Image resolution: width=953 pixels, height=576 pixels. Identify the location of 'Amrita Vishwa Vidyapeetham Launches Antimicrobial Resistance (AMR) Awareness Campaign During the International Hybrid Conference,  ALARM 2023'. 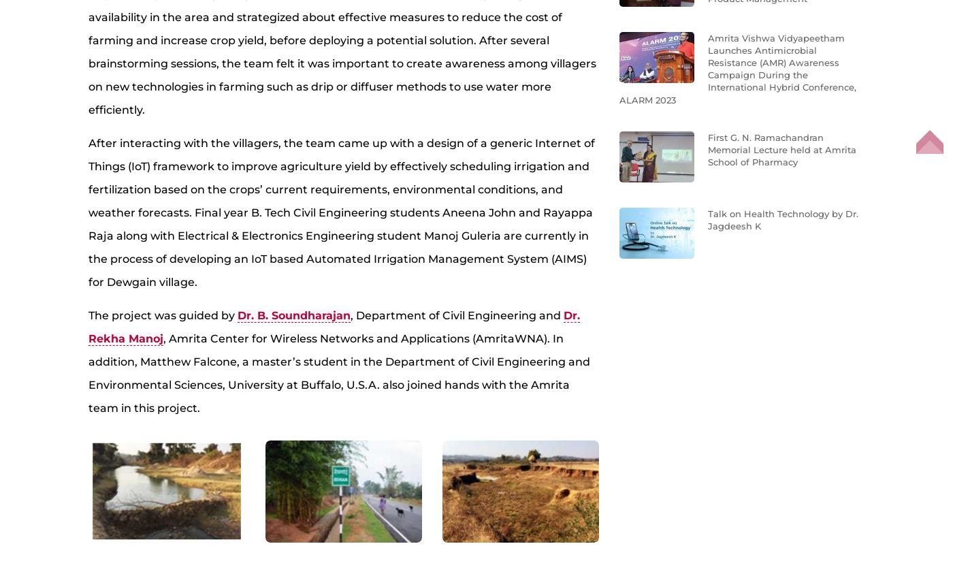
(738, 68).